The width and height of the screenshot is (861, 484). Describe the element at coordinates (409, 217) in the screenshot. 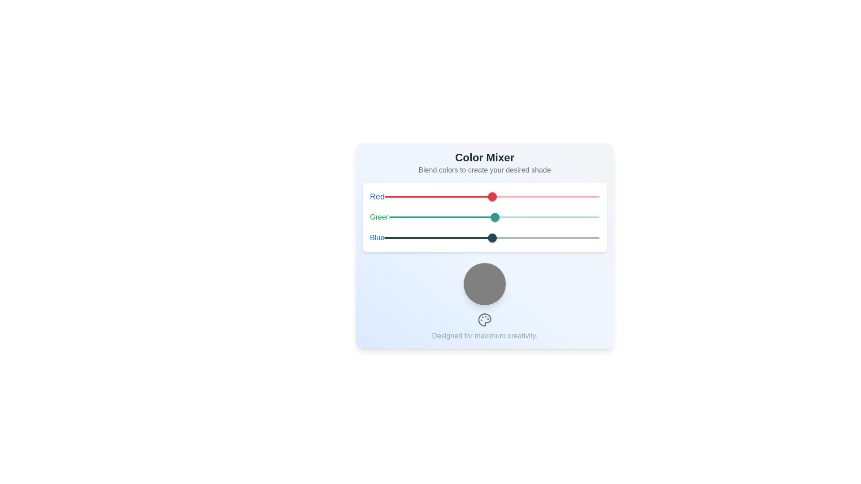

I see `the green value` at that location.